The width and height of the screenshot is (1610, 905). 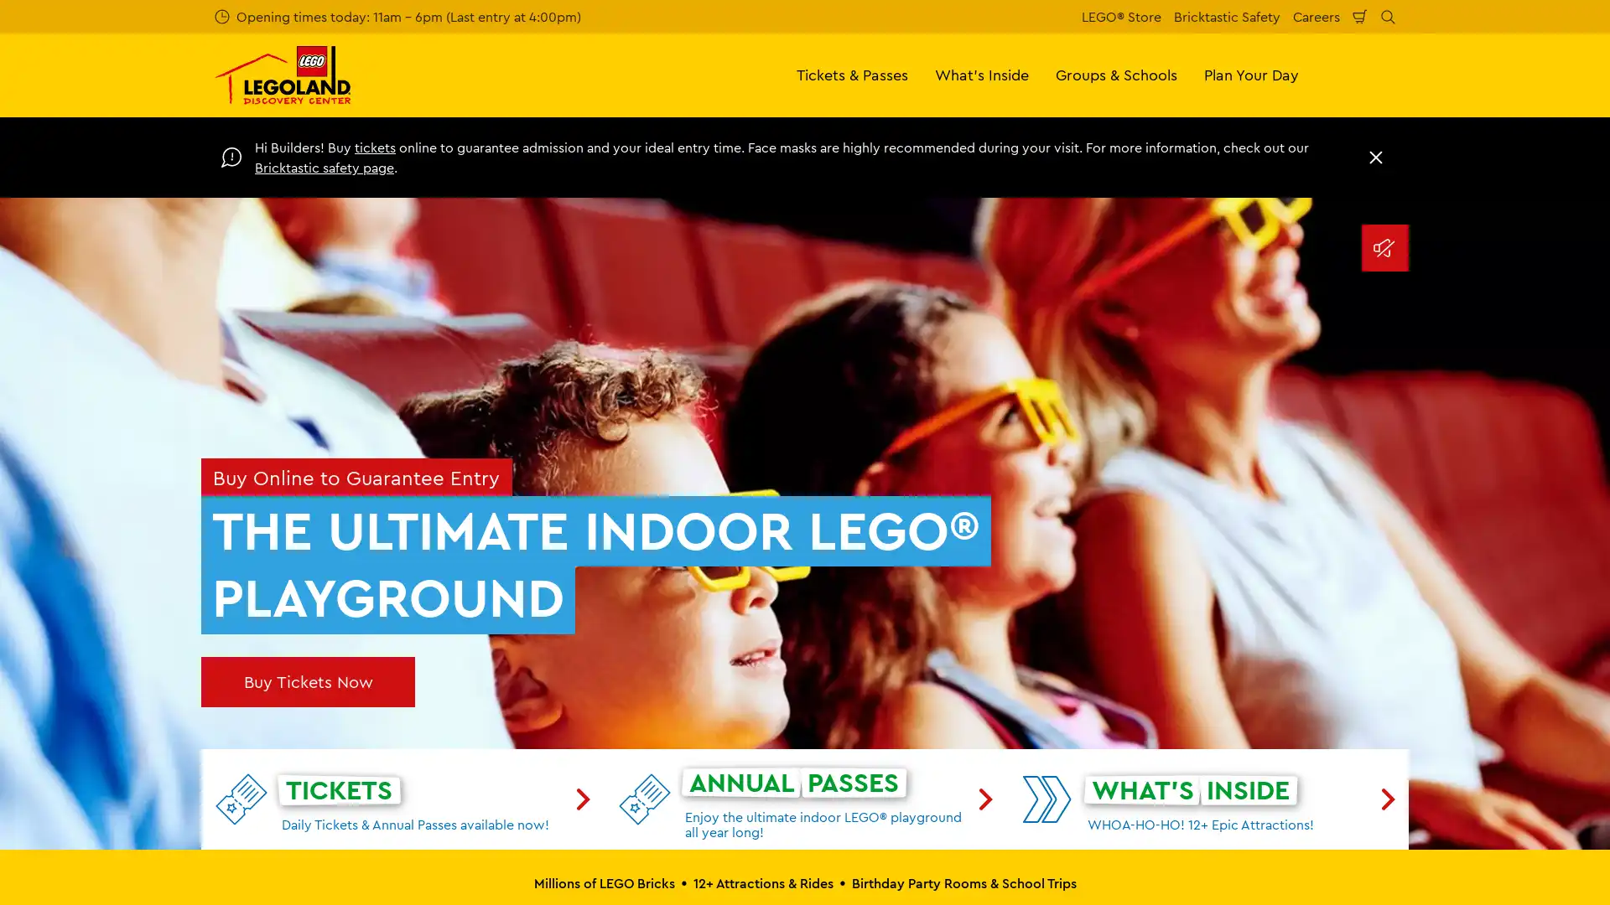 I want to click on Tickets & Passes, so click(x=852, y=74).